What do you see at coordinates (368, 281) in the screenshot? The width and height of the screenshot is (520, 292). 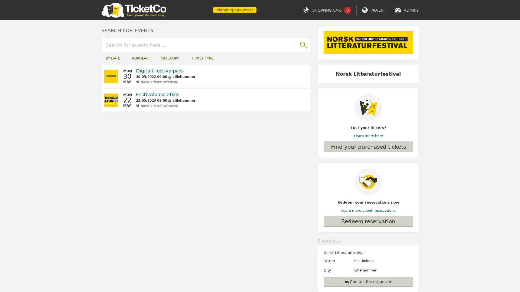 I see `Contact the organizer` at bounding box center [368, 281].